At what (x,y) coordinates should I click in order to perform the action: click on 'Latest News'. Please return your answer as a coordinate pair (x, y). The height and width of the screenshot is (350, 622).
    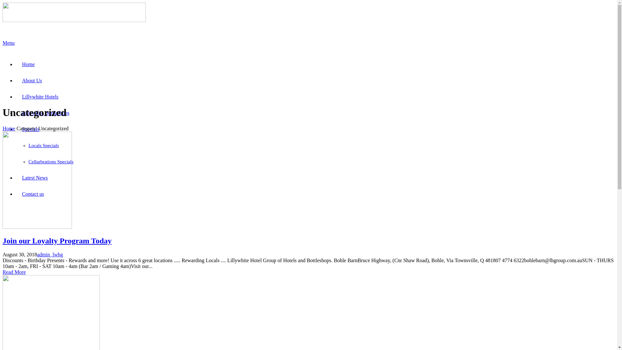
    Looking at the image, I should click on (34, 178).